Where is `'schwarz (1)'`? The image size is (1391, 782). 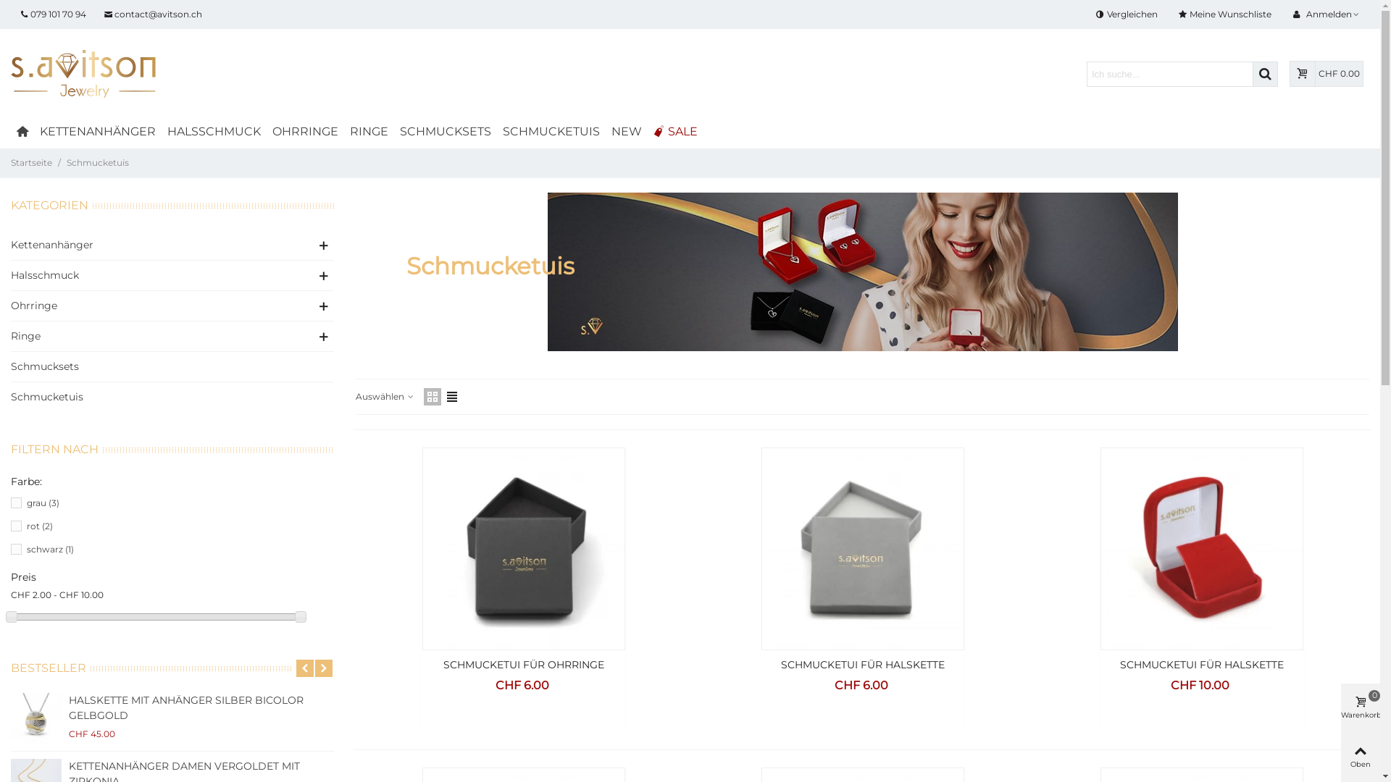 'schwarz (1)' is located at coordinates (50, 550).